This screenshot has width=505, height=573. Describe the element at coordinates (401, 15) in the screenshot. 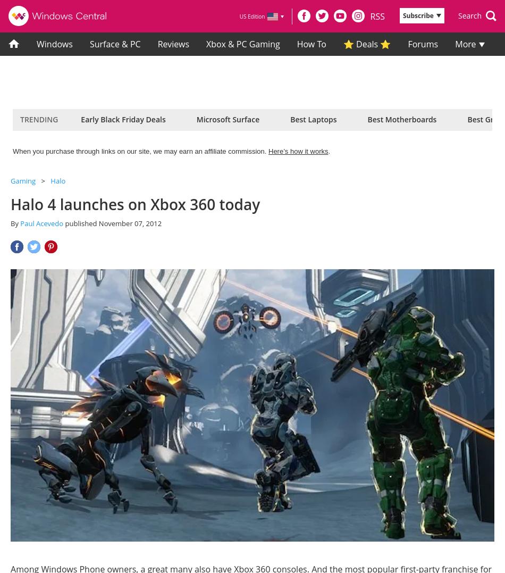

I see `'Subscribe'` at that location.